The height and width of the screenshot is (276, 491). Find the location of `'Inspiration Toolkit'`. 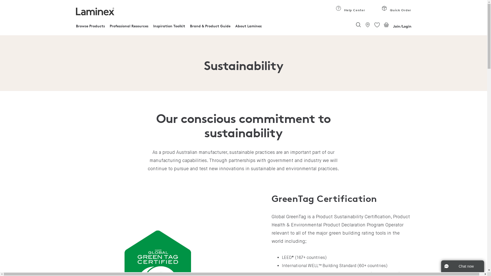

'Inspiration Toolkit' is located at coordinates (169, 27).